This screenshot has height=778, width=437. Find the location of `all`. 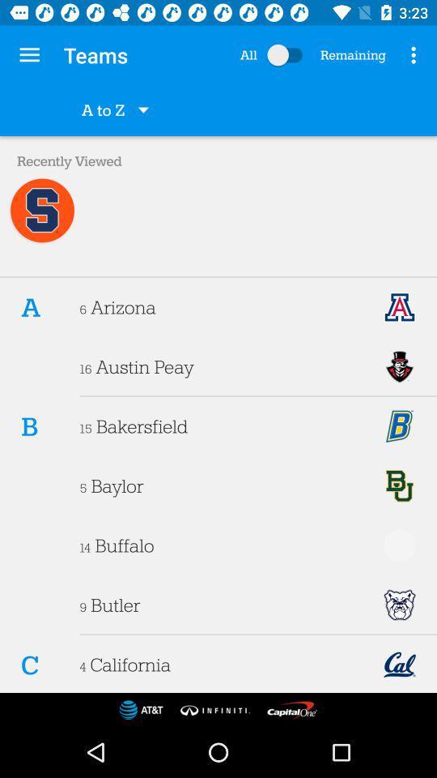

all is located at coordinates (287, 55).